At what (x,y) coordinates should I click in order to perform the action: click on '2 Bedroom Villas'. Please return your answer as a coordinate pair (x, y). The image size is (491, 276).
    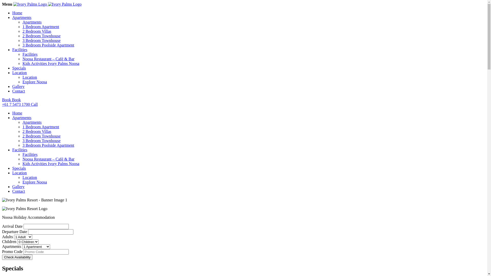
    Looking at the image, I should click on (22, 31).